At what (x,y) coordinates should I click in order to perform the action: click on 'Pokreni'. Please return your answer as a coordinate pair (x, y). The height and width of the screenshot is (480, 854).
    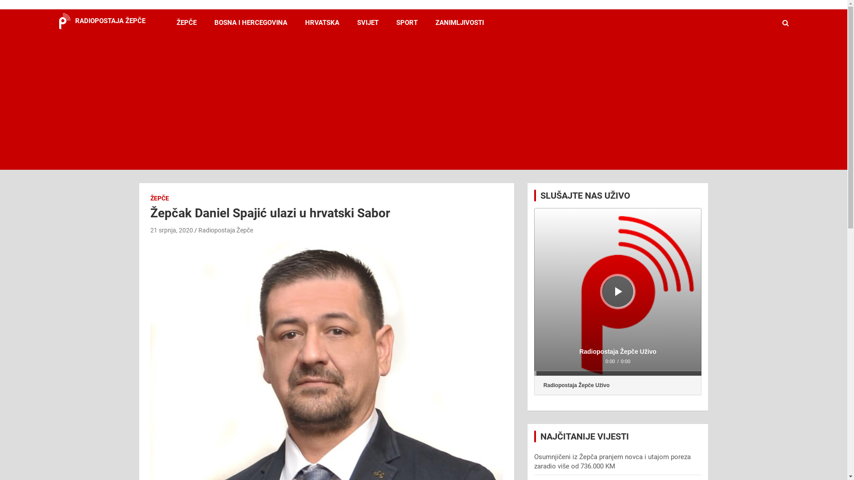
    Looking at the image, I should click on (614, 291).